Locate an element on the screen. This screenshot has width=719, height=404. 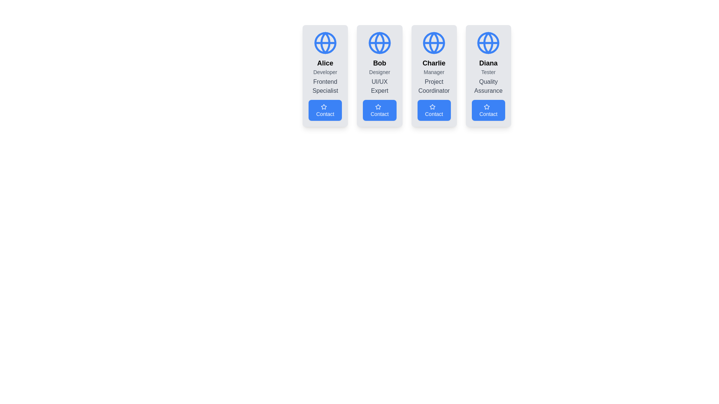
text label displaying the name 'Alice', which is styled with a large and bold font, located below the globe icon in the profile card is located at coordinates (325, 63).